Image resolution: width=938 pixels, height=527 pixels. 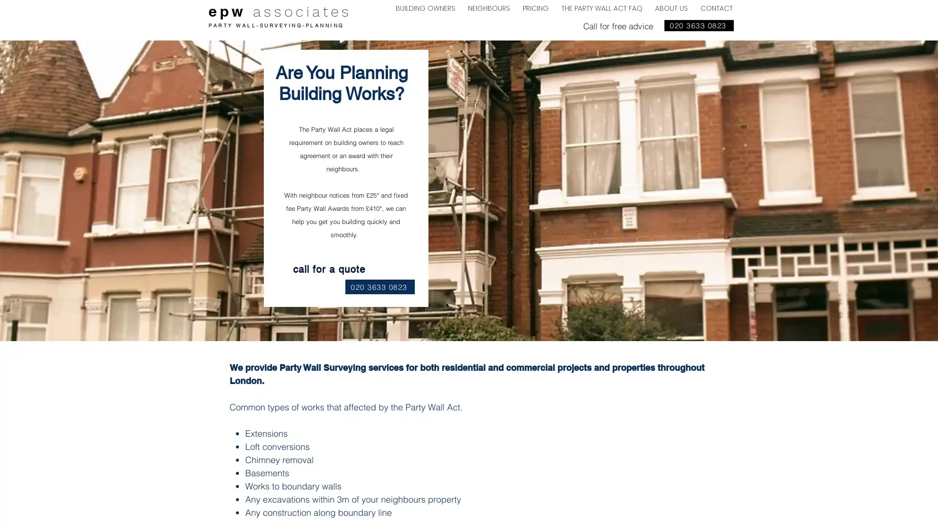 I want to click on Settings, so click(x=845, y=511).